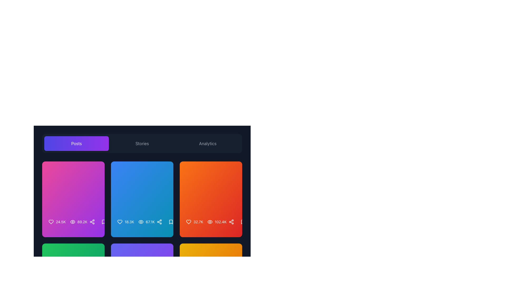  I want to click on the eye-shaped icon with a white outline and circular pupil against an orange background, located to the left of the text '102.4K' and adjacent to a heart icon with '32.7K' on its left, so click(210, 222).